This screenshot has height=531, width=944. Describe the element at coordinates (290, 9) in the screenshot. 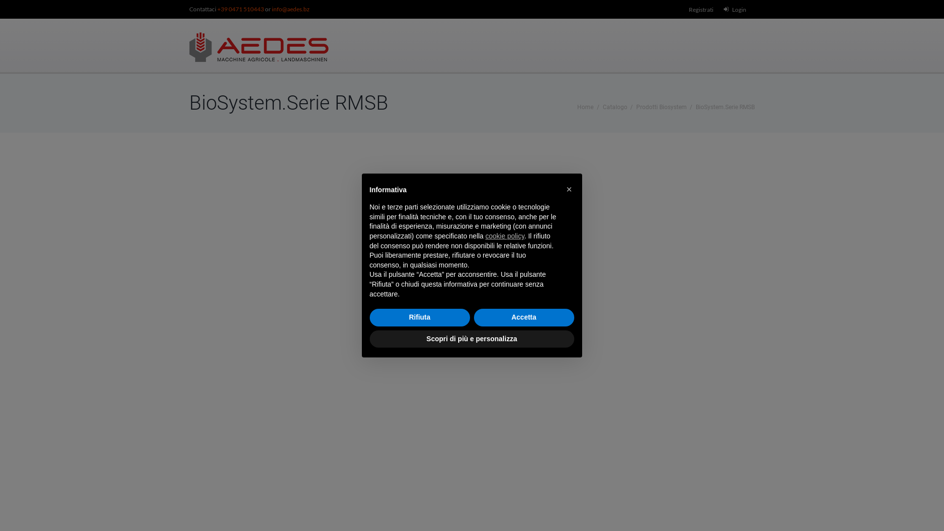

I see `'info@aedes.bz'` at that location.